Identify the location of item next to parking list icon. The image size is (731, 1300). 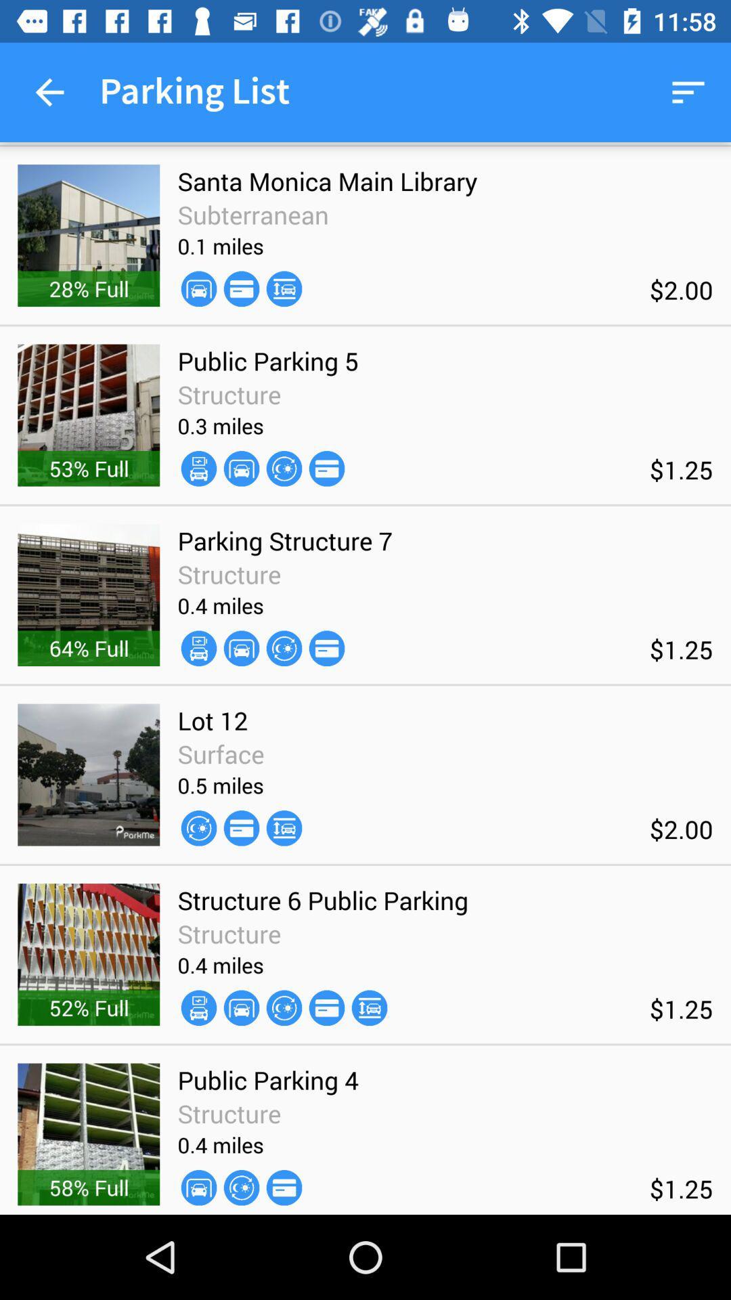
(49, 91).